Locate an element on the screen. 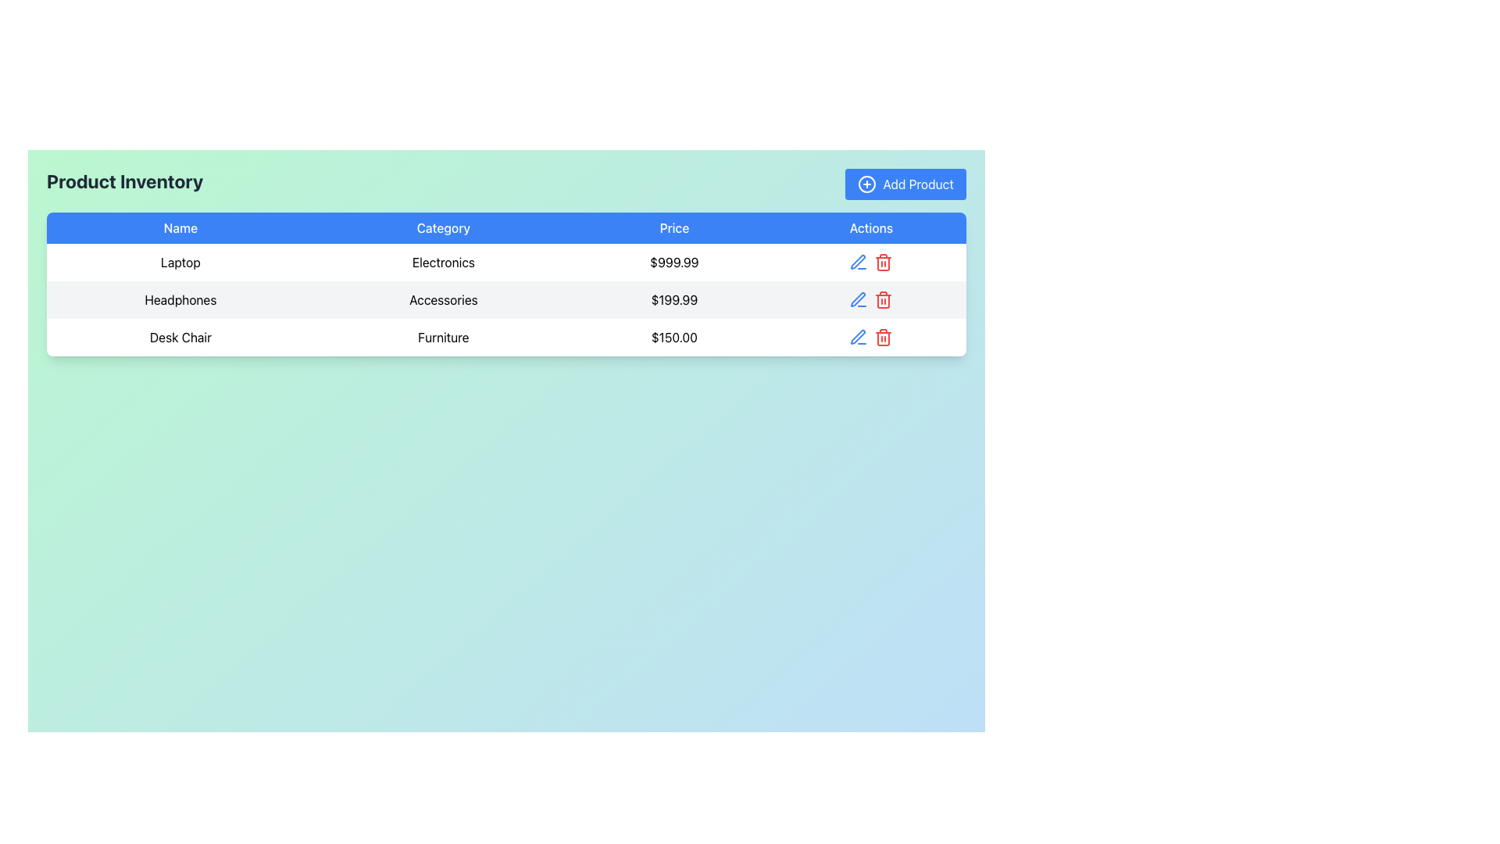 The height and width of the screenshot is (844, 1500). the icon for adding a new product, located to the left of the 'Add Product' text within the blue button at the top-right corner of the interface is located at coordinates (866, 183).